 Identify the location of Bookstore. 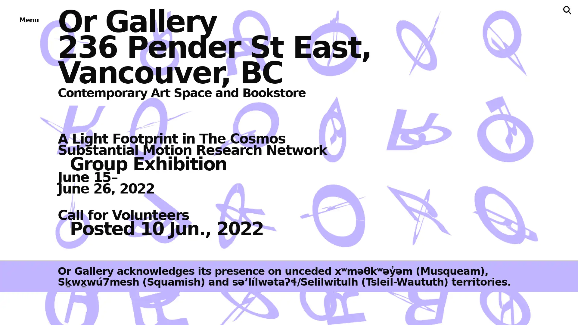
(131, 170).